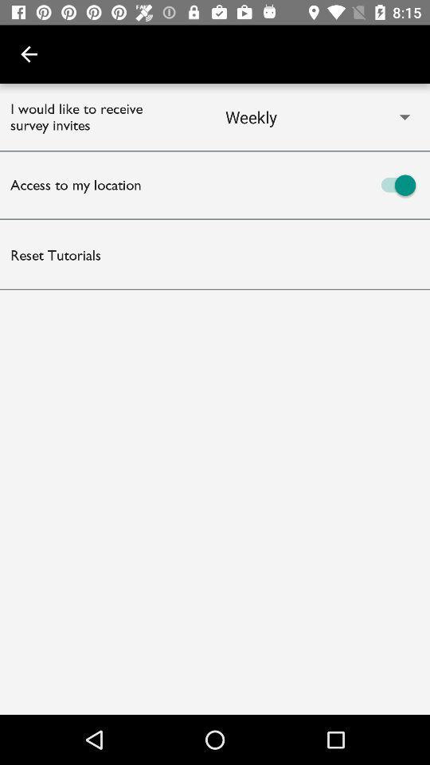 The width and height of the screenshot is (430, 765). I want to click on location access option, so click(322, 185).